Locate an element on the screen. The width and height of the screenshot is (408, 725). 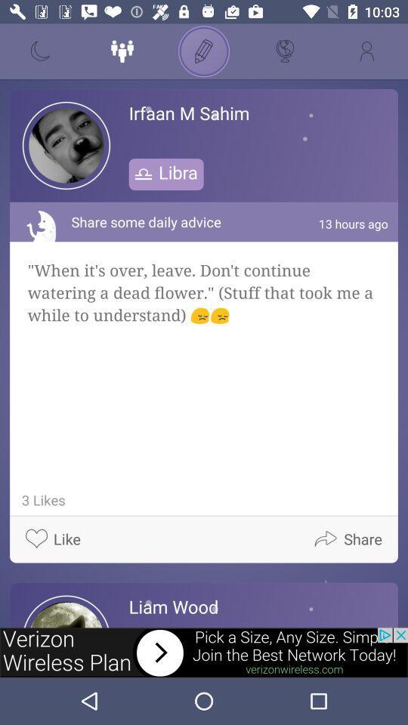
link to advertisement is located at coordinates (204, 652).